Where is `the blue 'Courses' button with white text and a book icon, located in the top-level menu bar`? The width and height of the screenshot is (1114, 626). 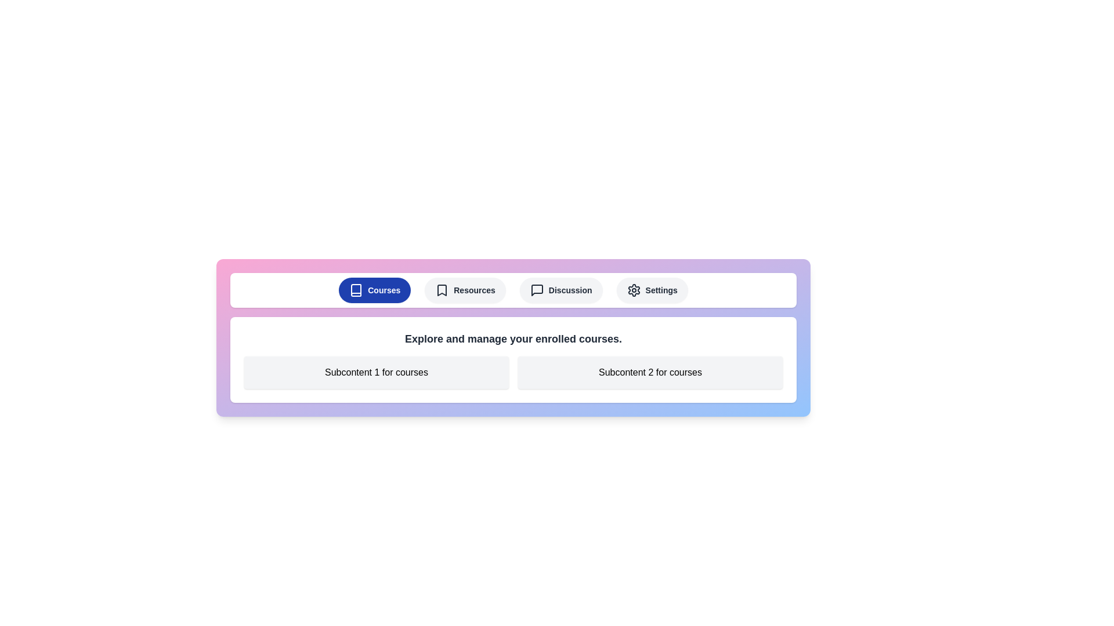 the blue 'Courses' button with white text and a book icon, located in the top-level menu bar is located at coordinates (375, 290).